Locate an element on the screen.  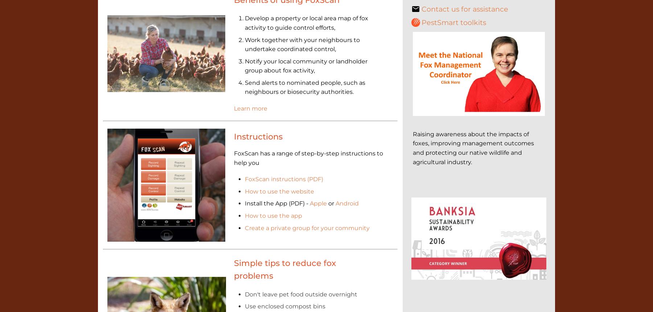
'Install the App (PDF) -' is located at coordinates (276, 203).